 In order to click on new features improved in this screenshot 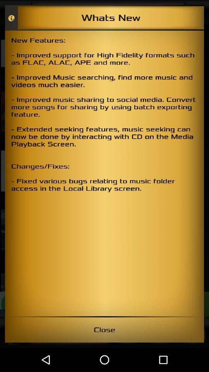, I will do `click(104, 173)`.